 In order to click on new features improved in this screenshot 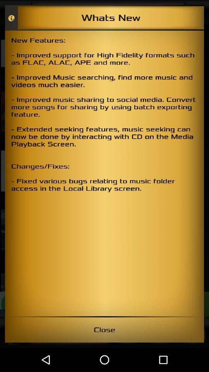, I will do `click(104, 173)`.